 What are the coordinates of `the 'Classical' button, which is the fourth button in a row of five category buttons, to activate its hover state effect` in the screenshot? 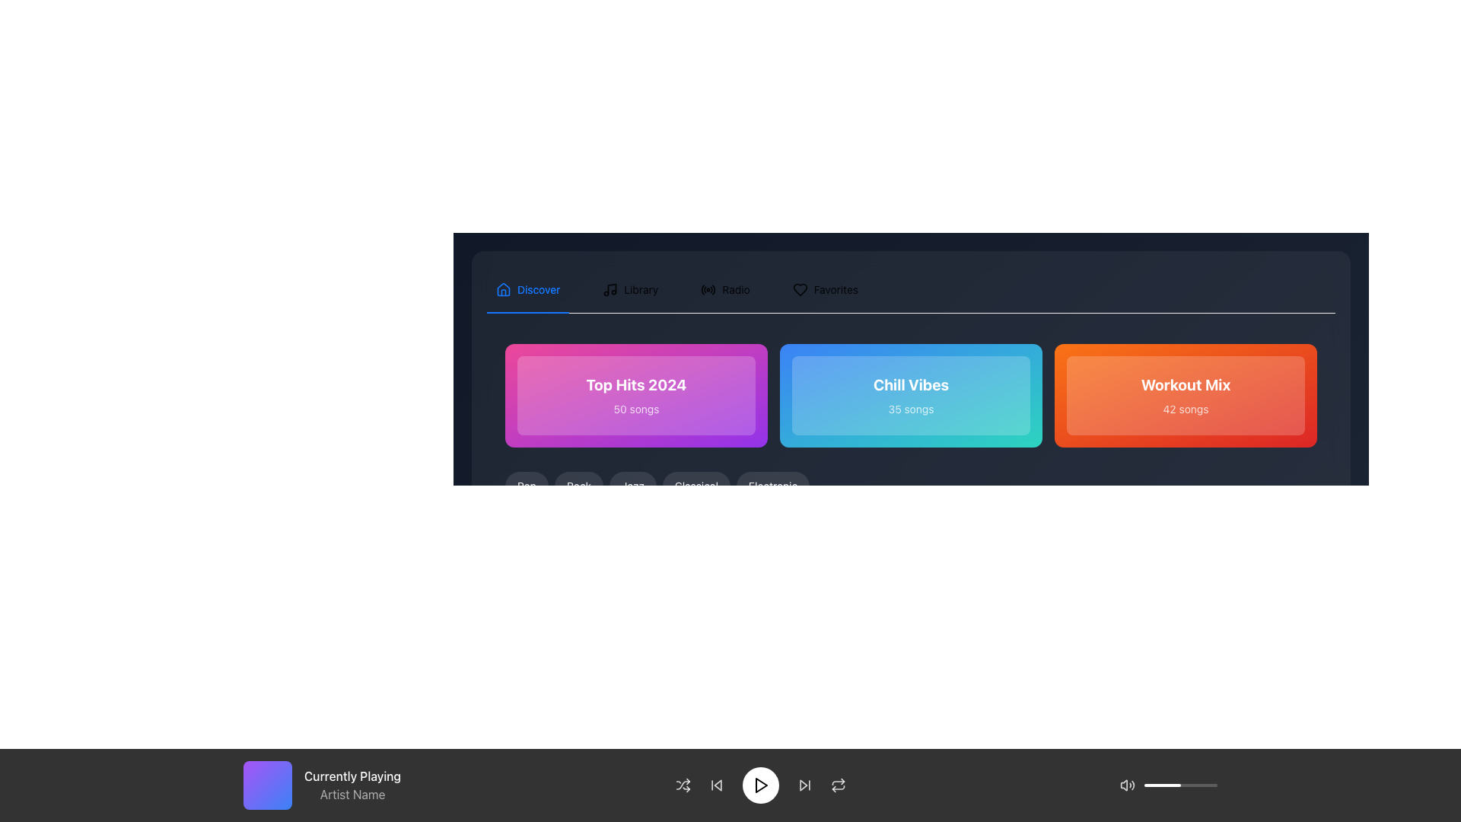 It's located at (695, 486).